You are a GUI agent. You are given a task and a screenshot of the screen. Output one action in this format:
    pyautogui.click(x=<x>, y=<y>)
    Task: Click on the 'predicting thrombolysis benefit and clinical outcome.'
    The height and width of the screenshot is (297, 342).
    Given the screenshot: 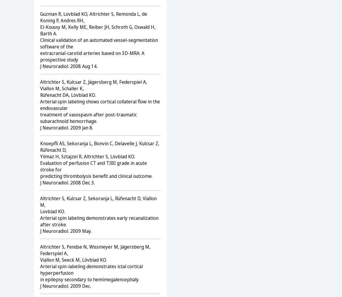 What is the action you would take?
    pyautogui.click(x=96, y=176)
    